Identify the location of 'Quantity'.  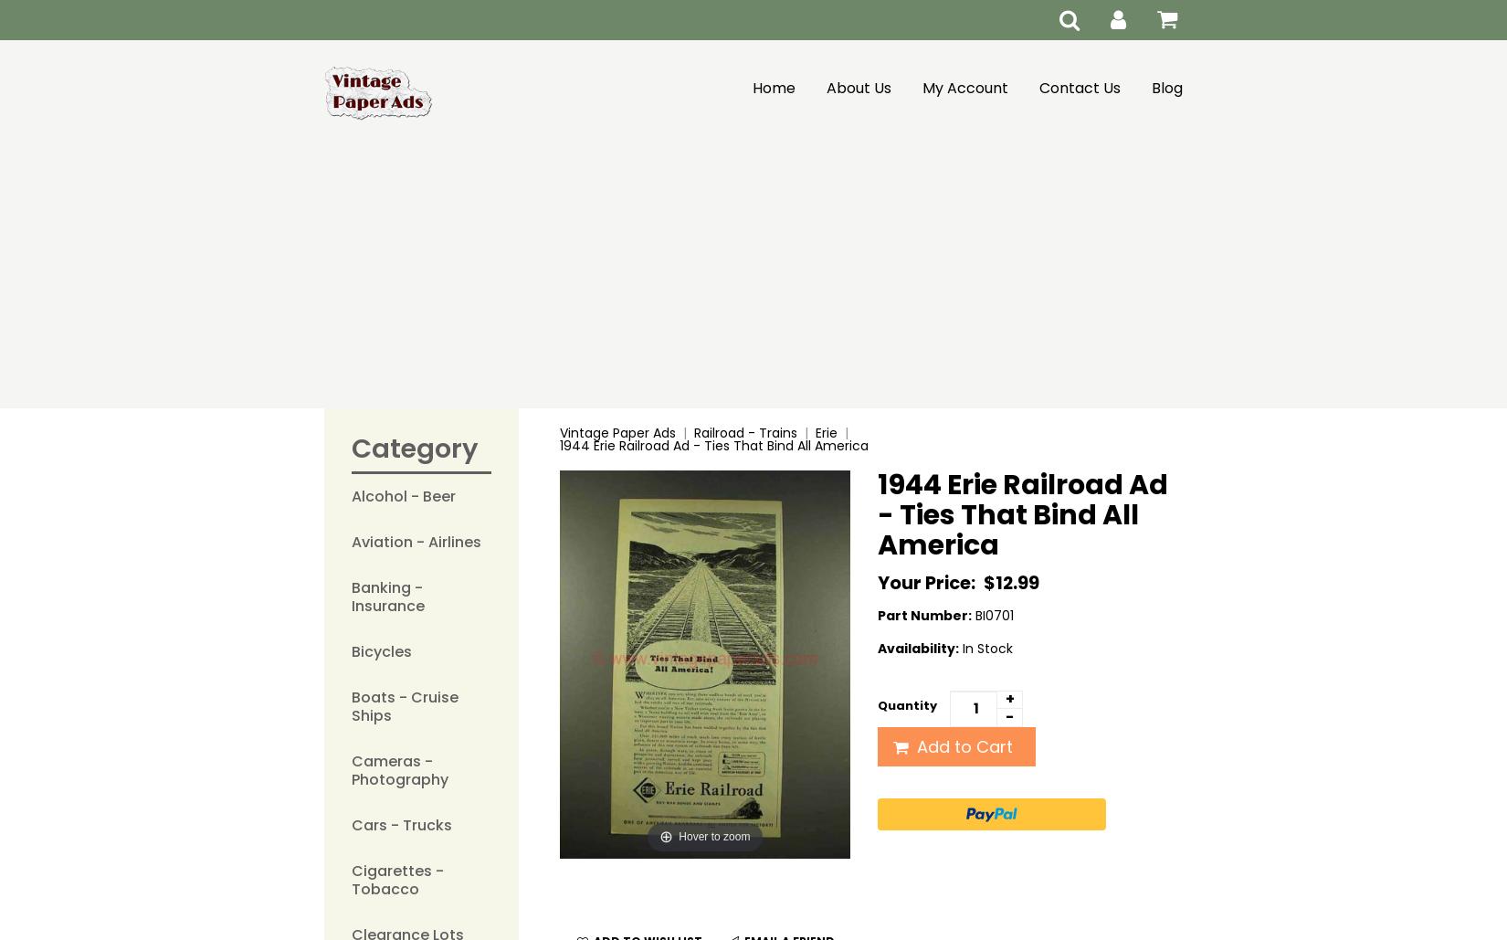
(907, 705).